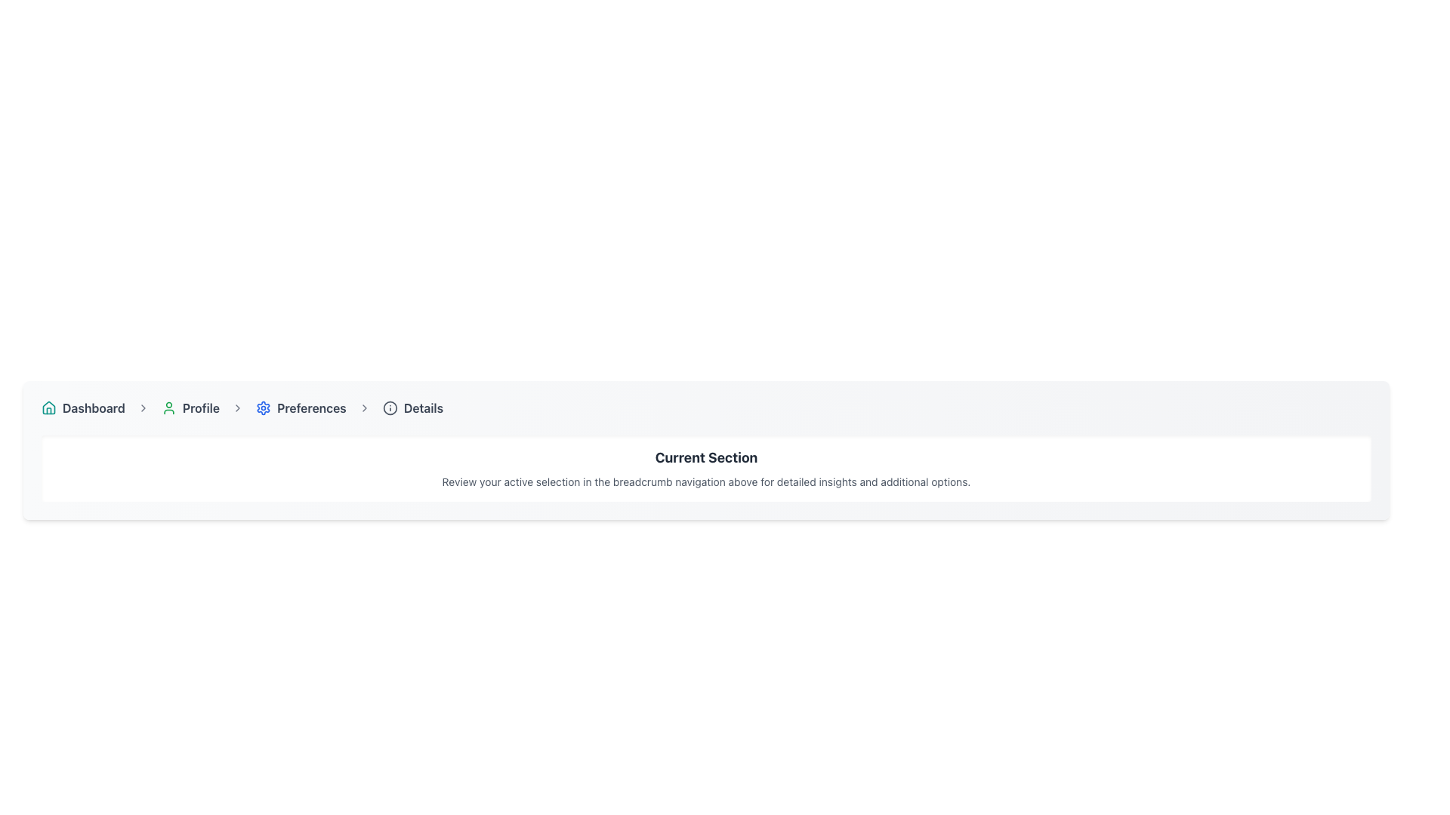 The image size is (1450, 815). Describe the element at coordinates (301, 407) in the screenshot. I see `the clickable breadcrumb navigation link labeled 'Preferences', which is styled in bold and is accompanied by a small blue settings icon` at that location.